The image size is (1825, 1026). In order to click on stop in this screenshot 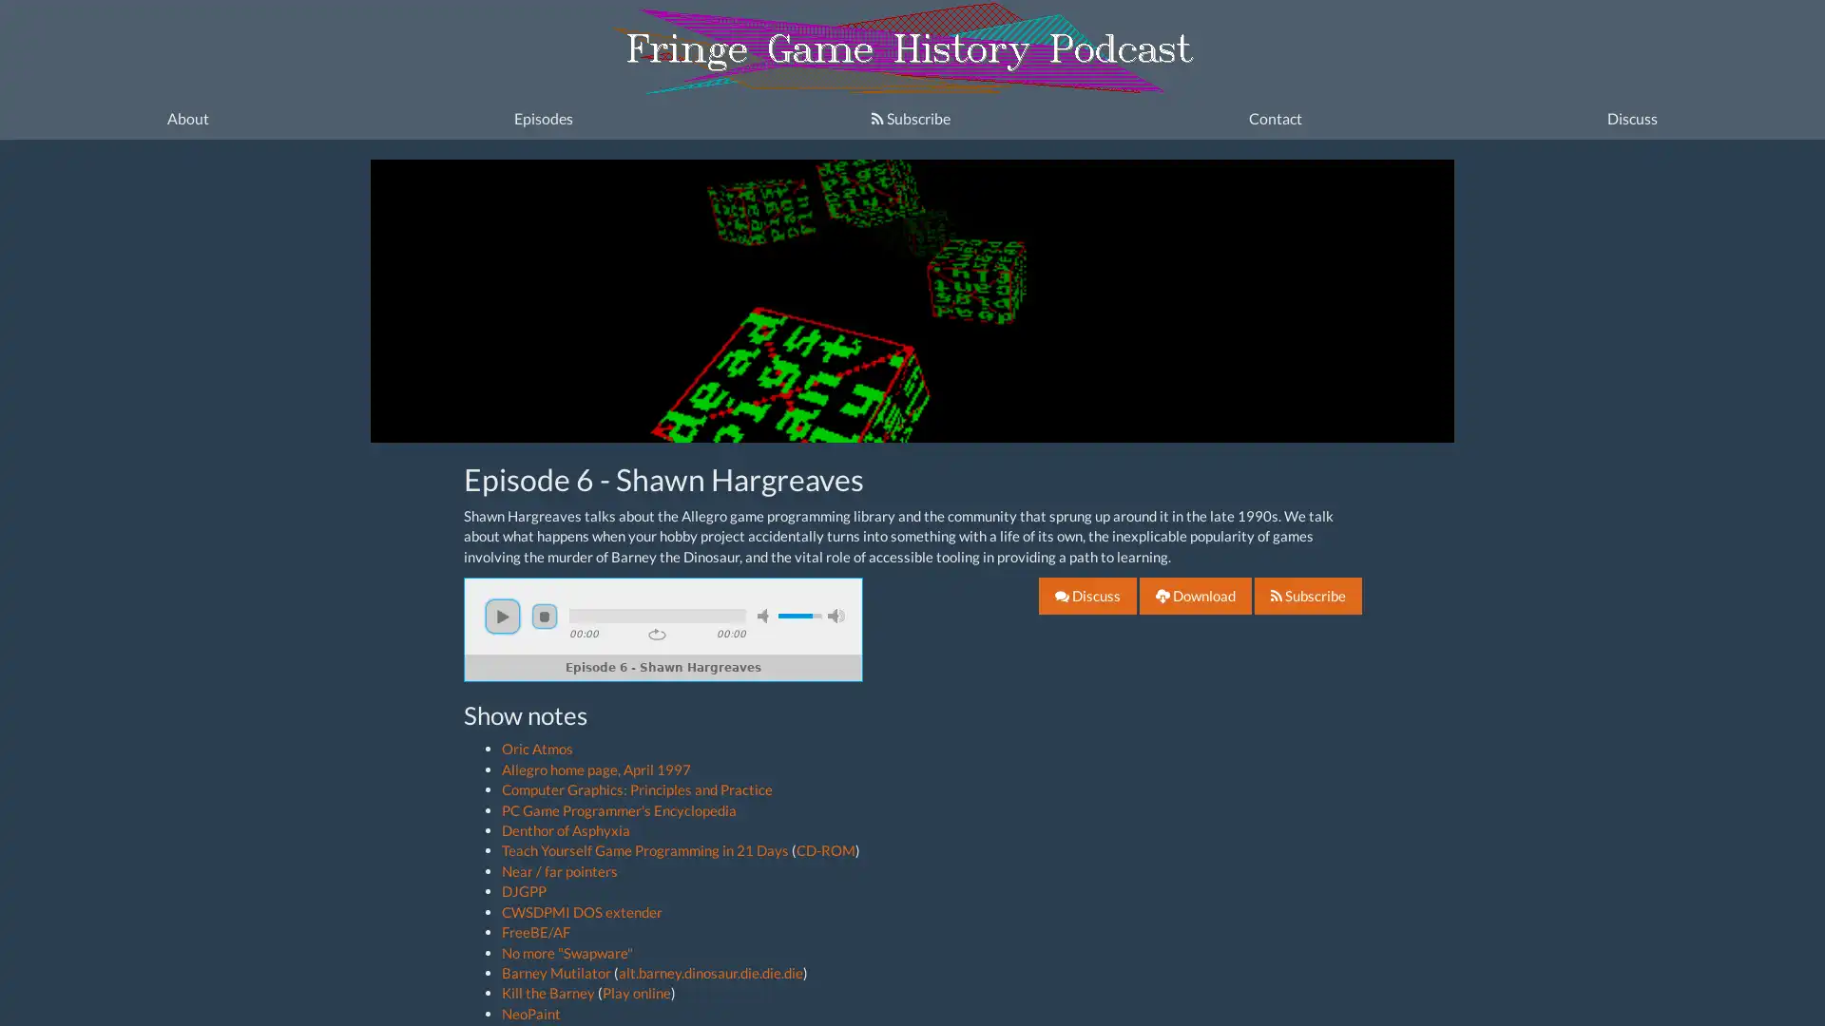, I will do `click(542, 616)`.